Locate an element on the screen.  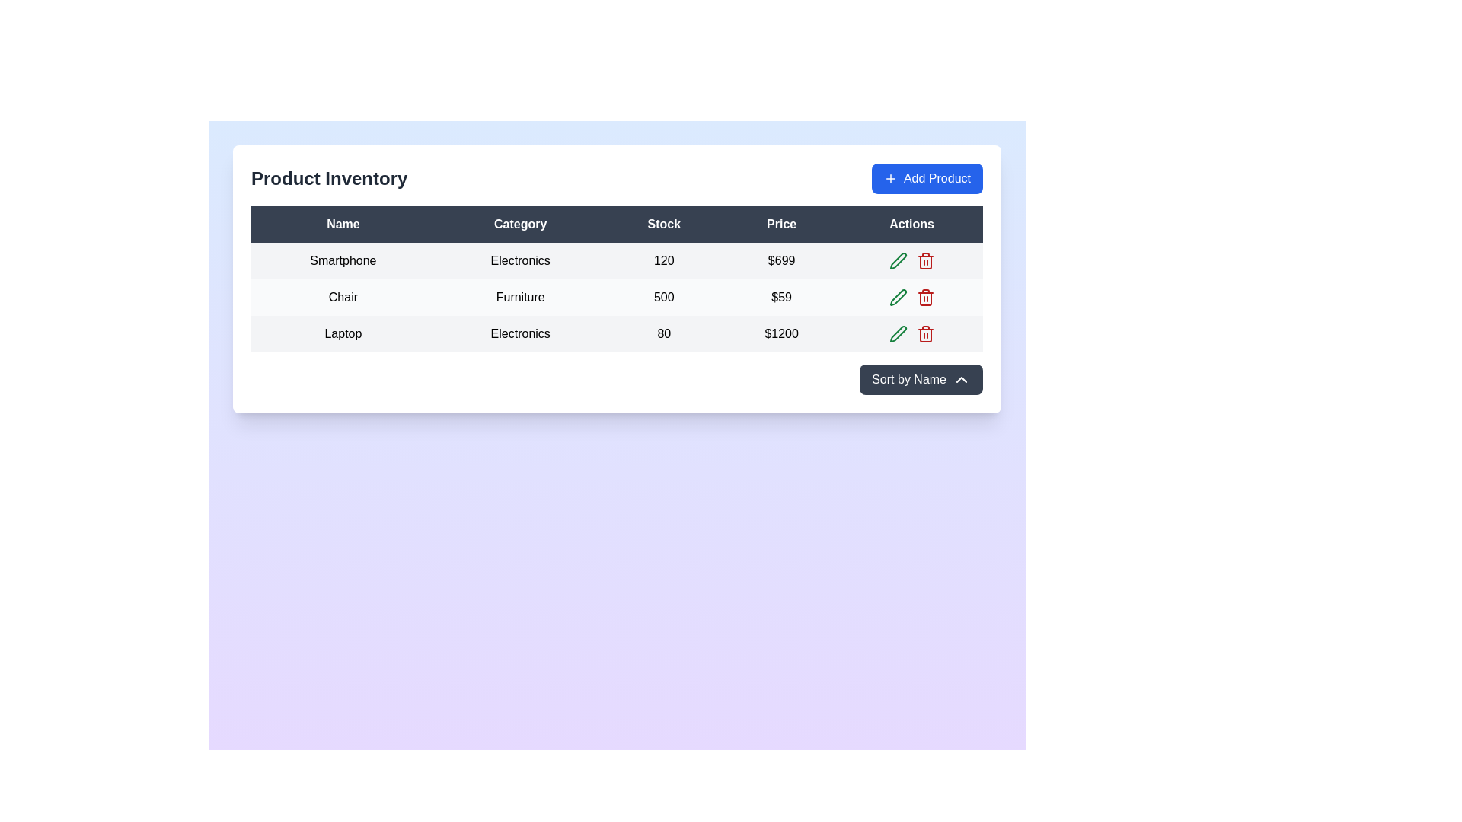
the text label displaying 'Laptop' in the 'Name' column of the 'Product Inventory' table, located in the first cell of the third row is located at coordinates (343, 333).